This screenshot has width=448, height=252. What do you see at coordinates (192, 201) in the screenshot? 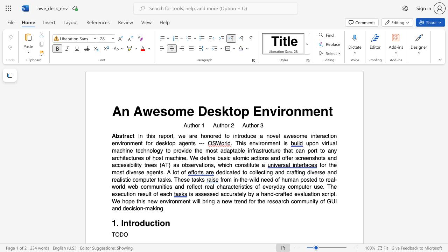
I see `the subset text "will bring a new trend for the re" within the text "will bring a new trend for the research community of GUI and decision-making."` at bounding box center [192, 201].